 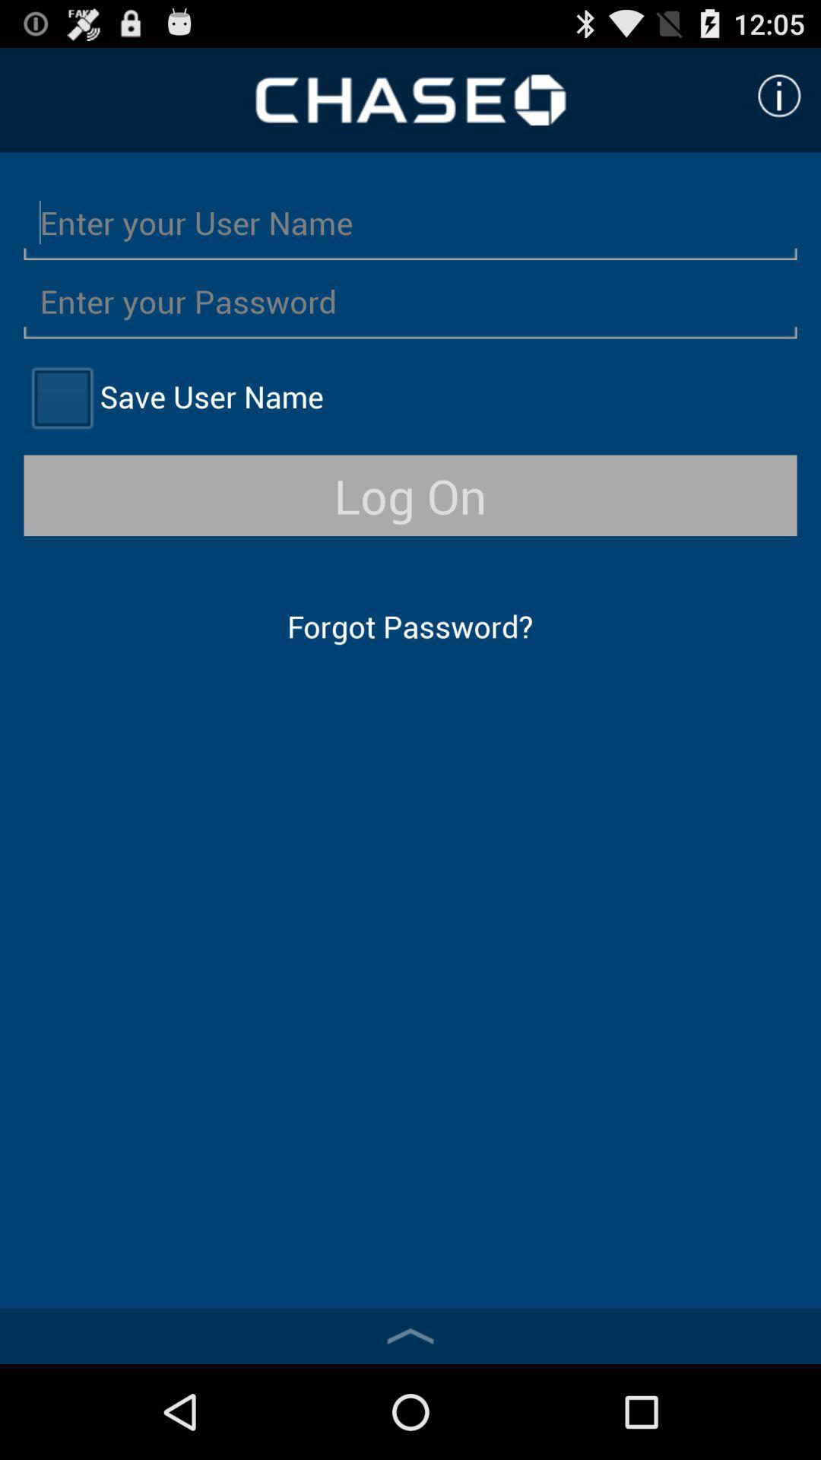 What do you see at coordinates (410, 1335) in the screenshot?
I see `arrow up option` at bounding box center [410, 1335].